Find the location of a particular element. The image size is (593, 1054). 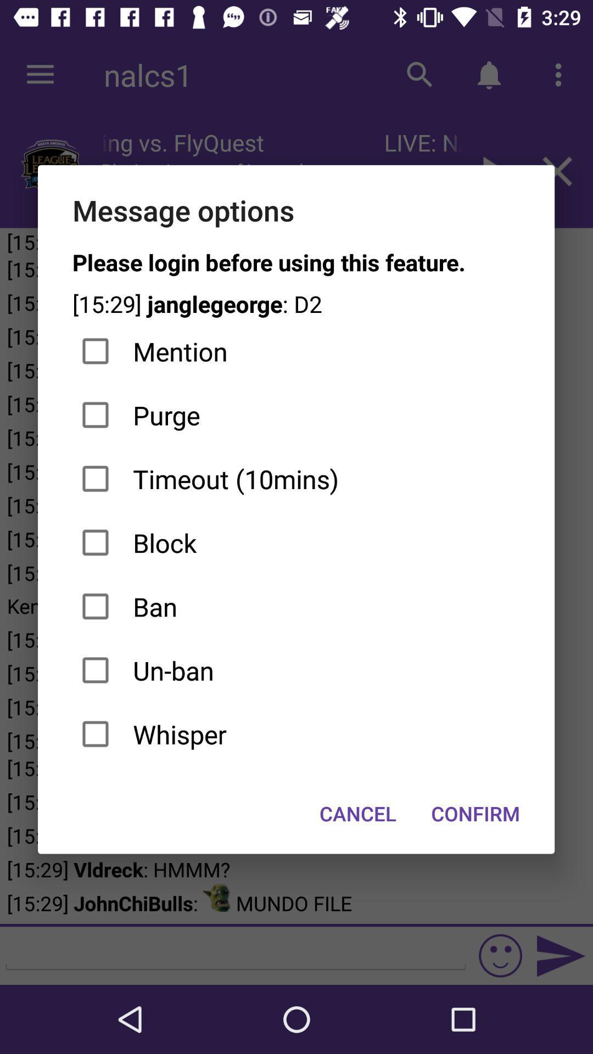

the icon below ban checkbox is located at coordinates (295, 670).